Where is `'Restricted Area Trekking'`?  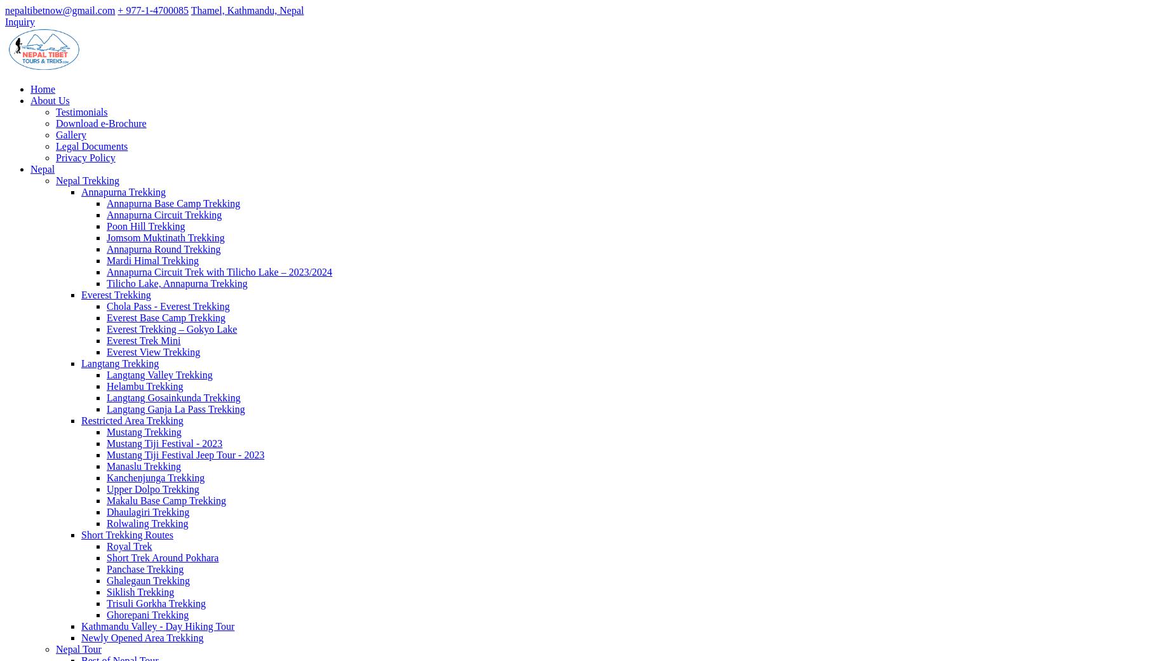
'Restricted Area Trekking' is located at coordinates (81, 420).